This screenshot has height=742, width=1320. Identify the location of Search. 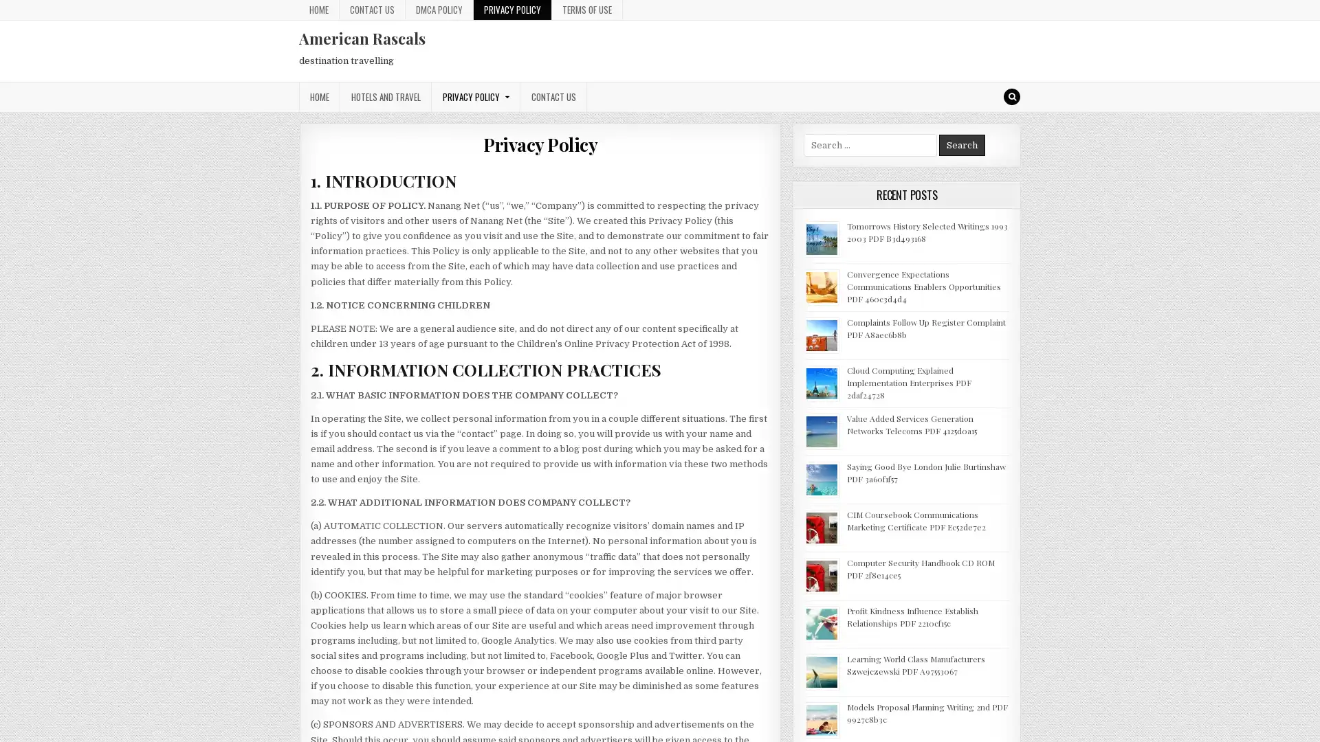
(961, 145).